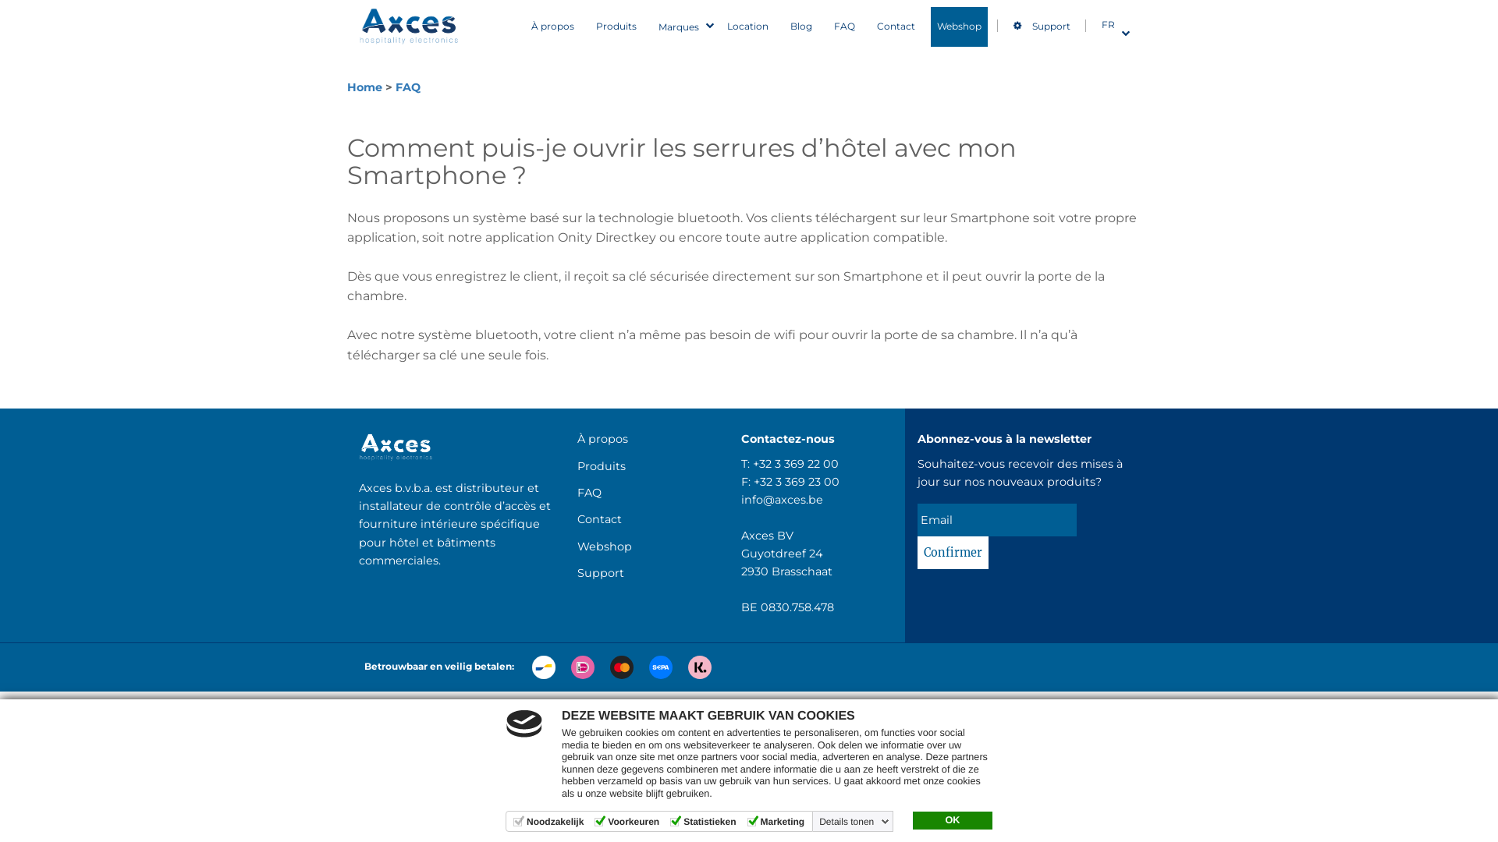 The image size is (1498, 842). What do you see at coordinates (747, 27) in the screenshot?
I see `'Location'` at bounding box center [747, 27].